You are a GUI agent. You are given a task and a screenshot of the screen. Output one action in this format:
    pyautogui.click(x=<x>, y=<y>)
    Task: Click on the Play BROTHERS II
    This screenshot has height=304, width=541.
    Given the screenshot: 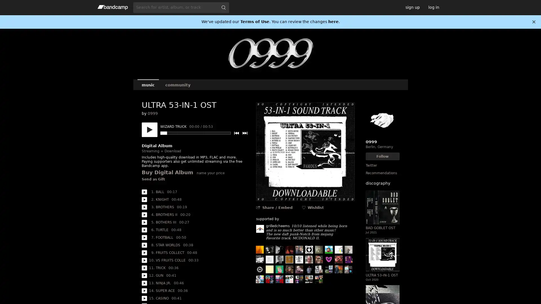 What is the action you would take?
    pyautogui.click(x=144, y=215)
    